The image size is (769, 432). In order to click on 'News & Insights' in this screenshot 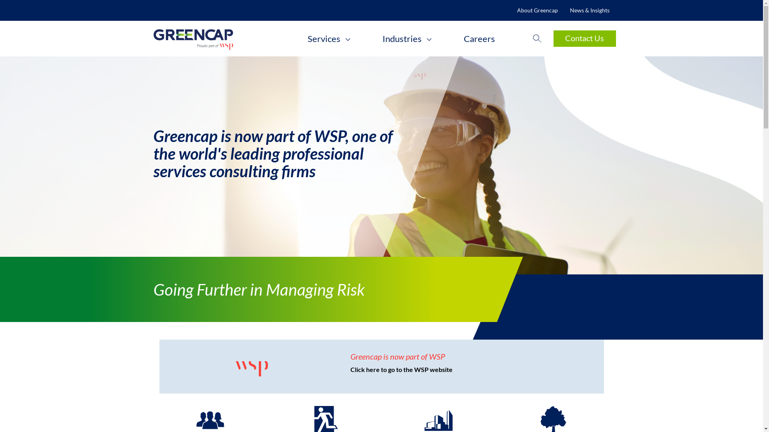, I will do `click(590, 10)`.